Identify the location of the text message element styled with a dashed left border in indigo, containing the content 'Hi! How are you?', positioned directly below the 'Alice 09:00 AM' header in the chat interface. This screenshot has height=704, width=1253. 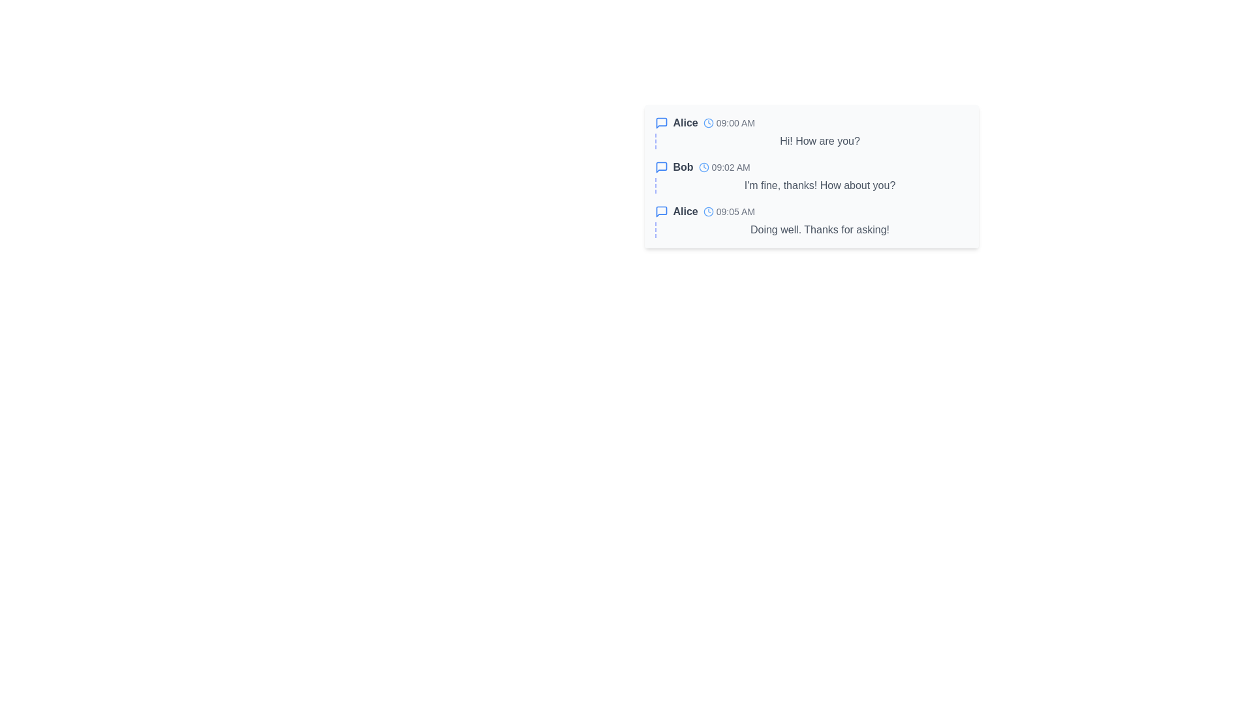
(811, 141).